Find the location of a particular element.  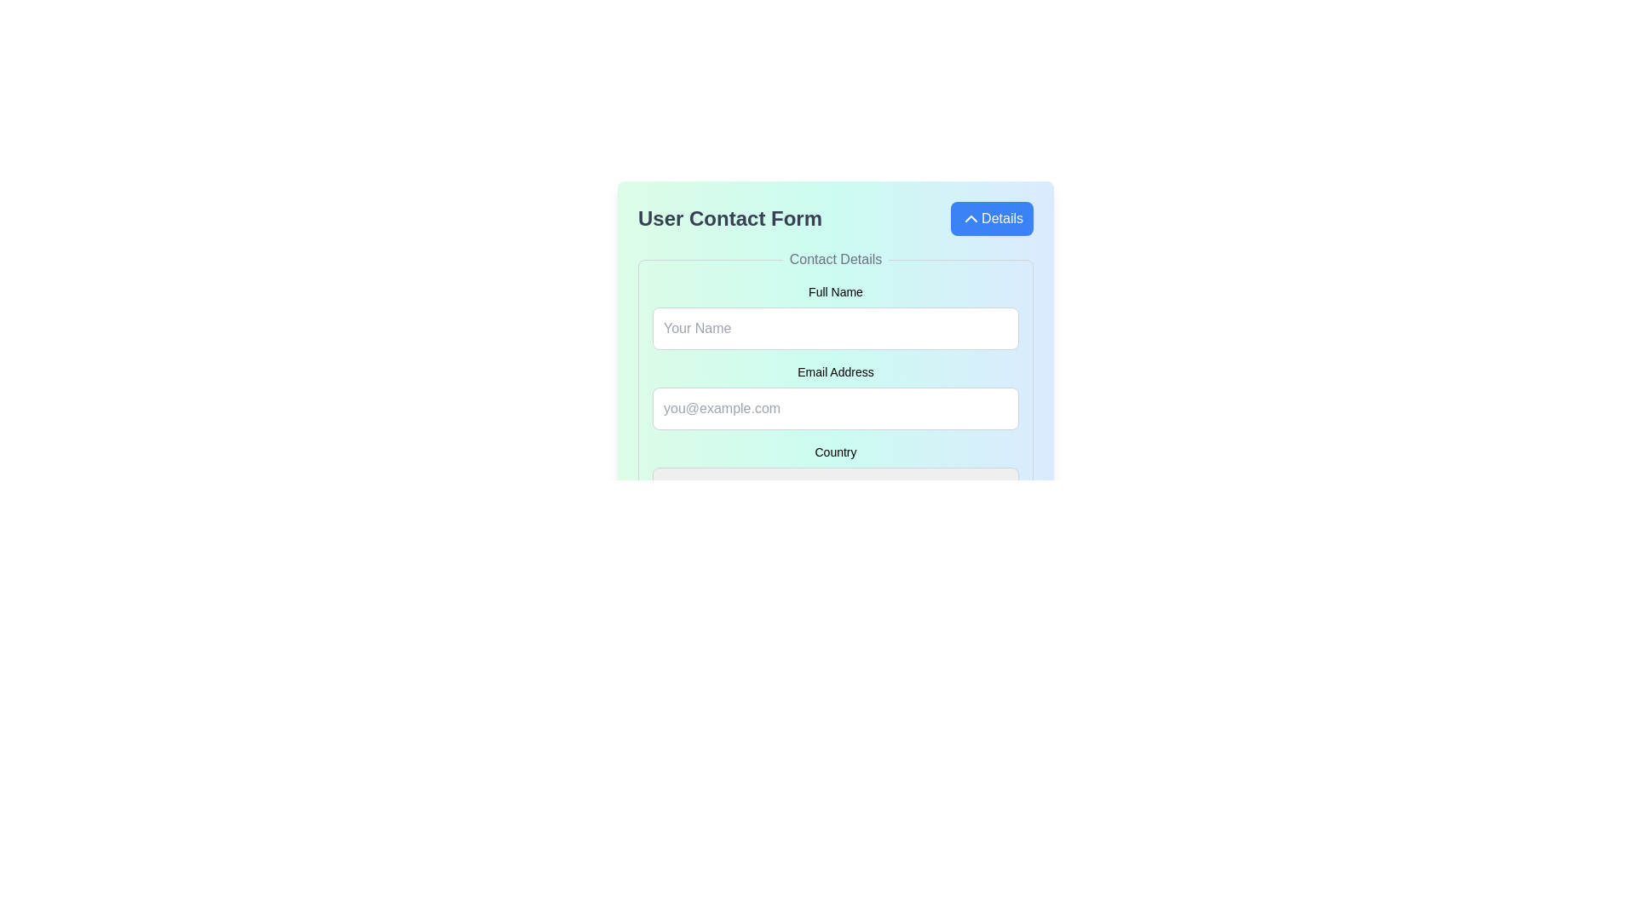

the Text Label for the 'Full Name' section of the contact form, which provides information about the expected data entry for the associated input field is located at coordinates (835, 291).